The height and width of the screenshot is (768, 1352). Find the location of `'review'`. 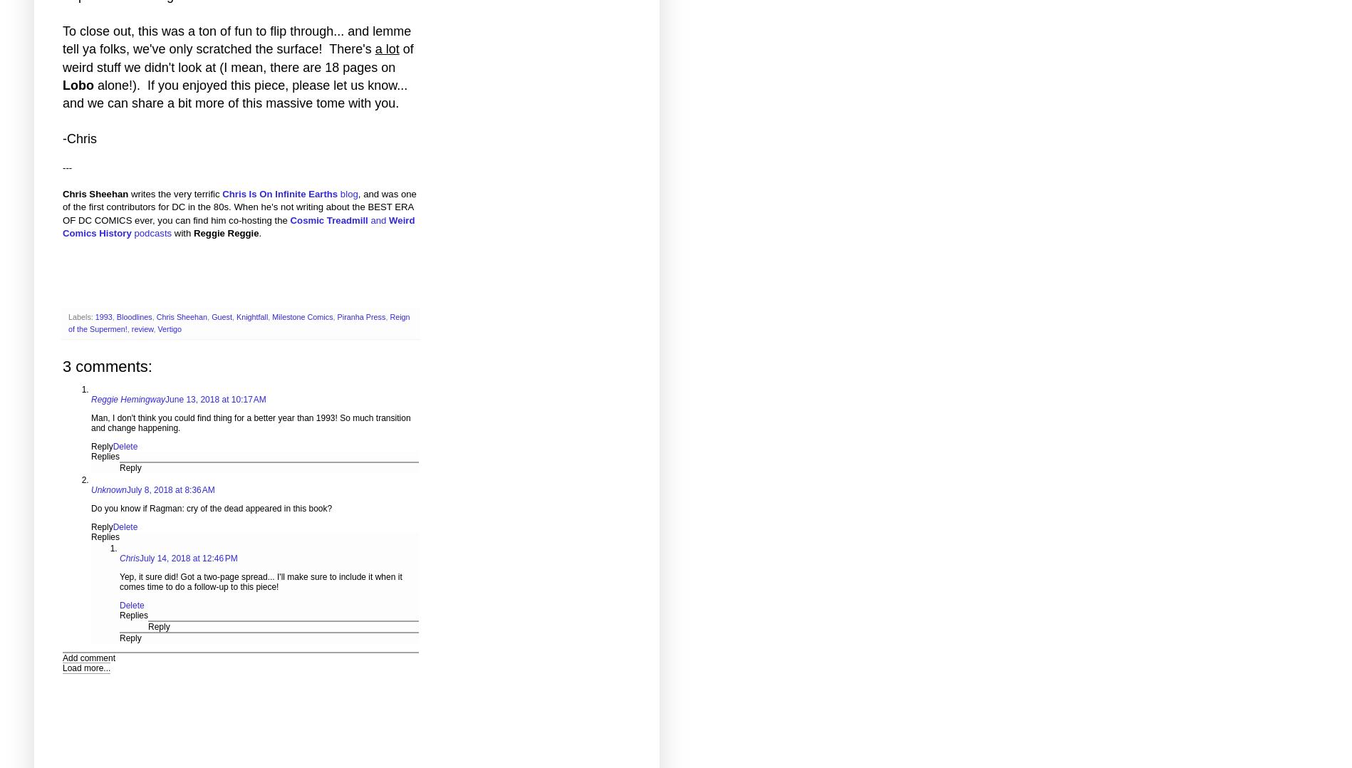

'review' is located at coordinates (141, 329).